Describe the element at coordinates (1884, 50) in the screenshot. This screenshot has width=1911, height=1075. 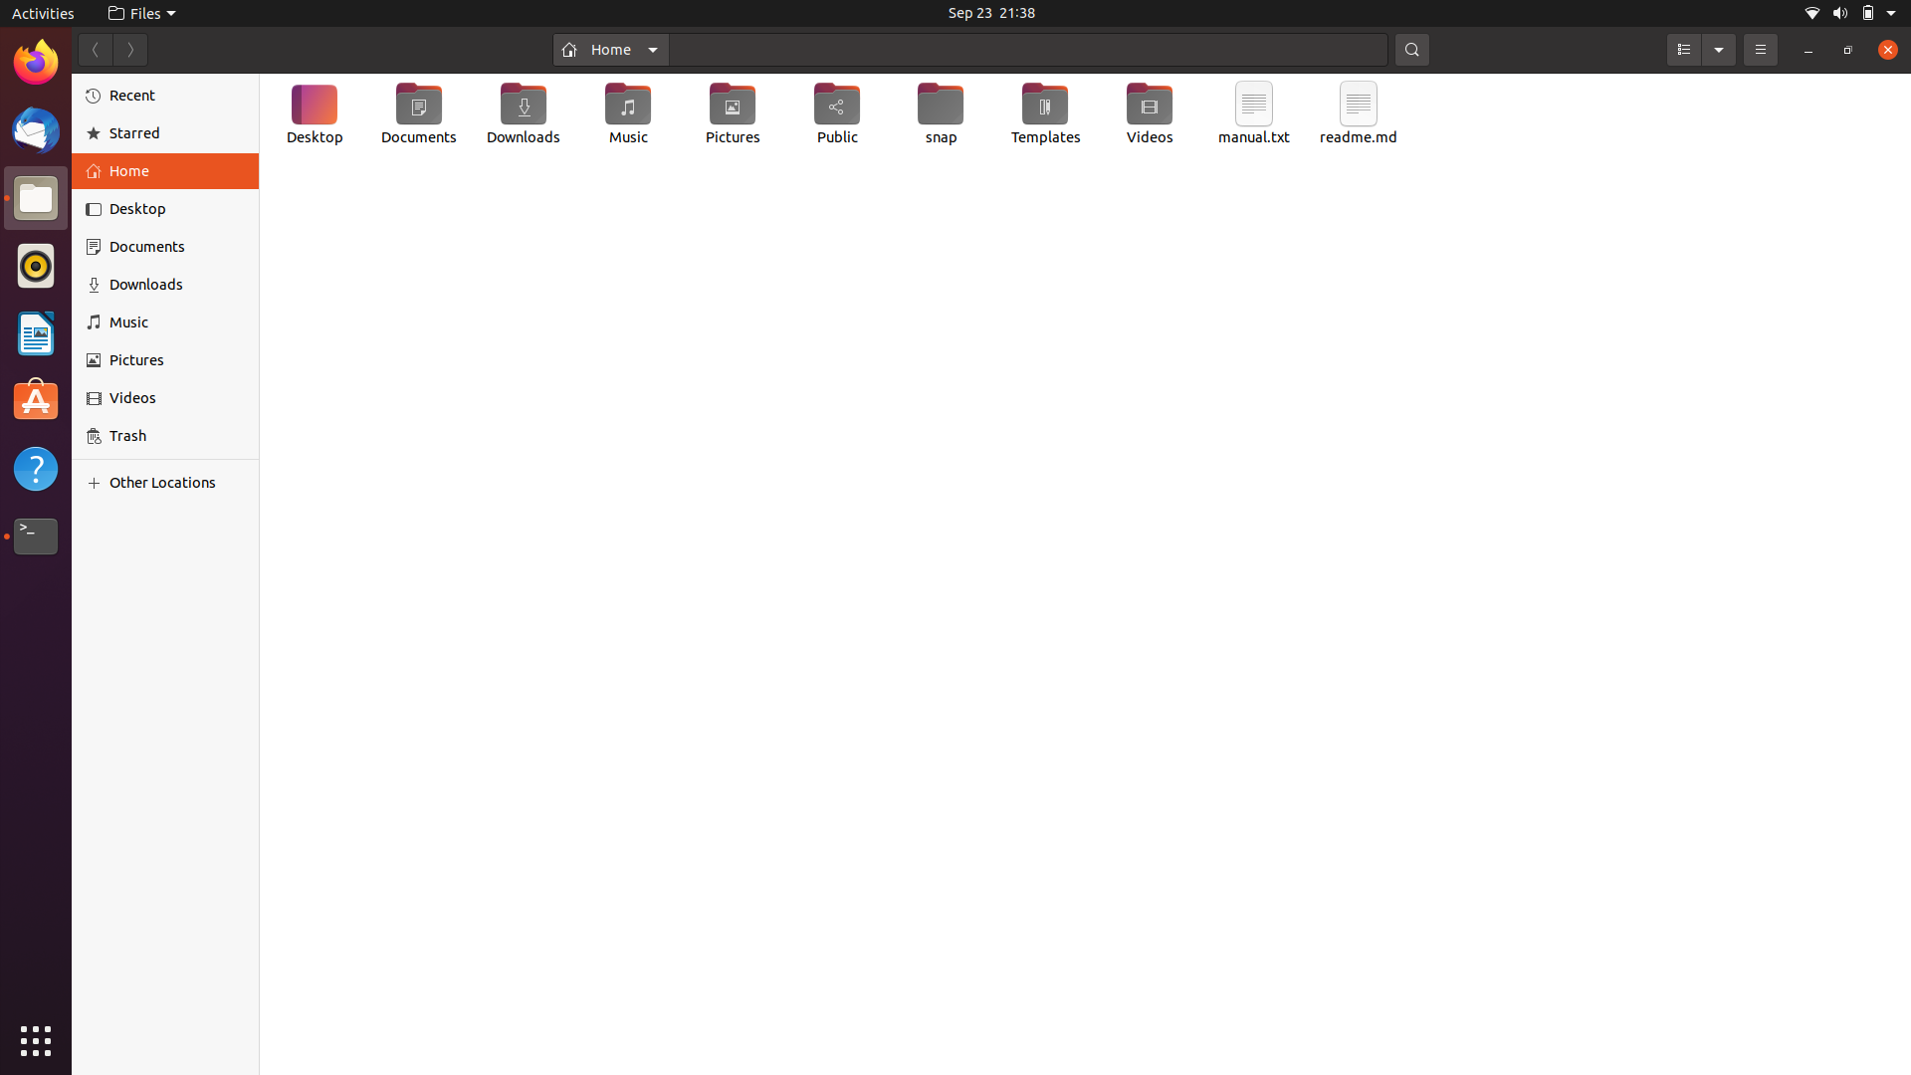
I see `Terminate the window currently open` at that location.